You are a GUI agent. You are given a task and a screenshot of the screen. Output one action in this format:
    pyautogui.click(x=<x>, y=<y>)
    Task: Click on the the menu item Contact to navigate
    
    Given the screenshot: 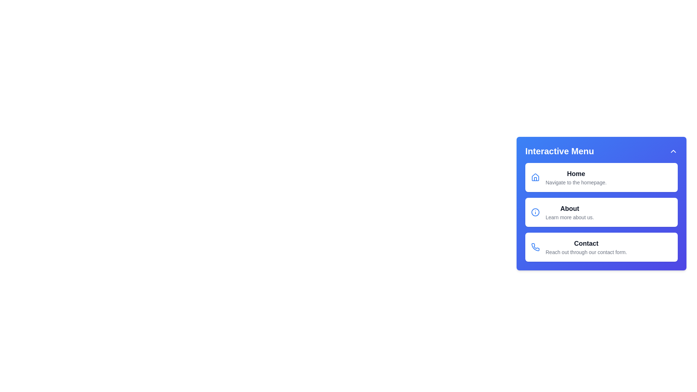 What is the action you would take?
    pyautogui.click(x=601, y=247)
    